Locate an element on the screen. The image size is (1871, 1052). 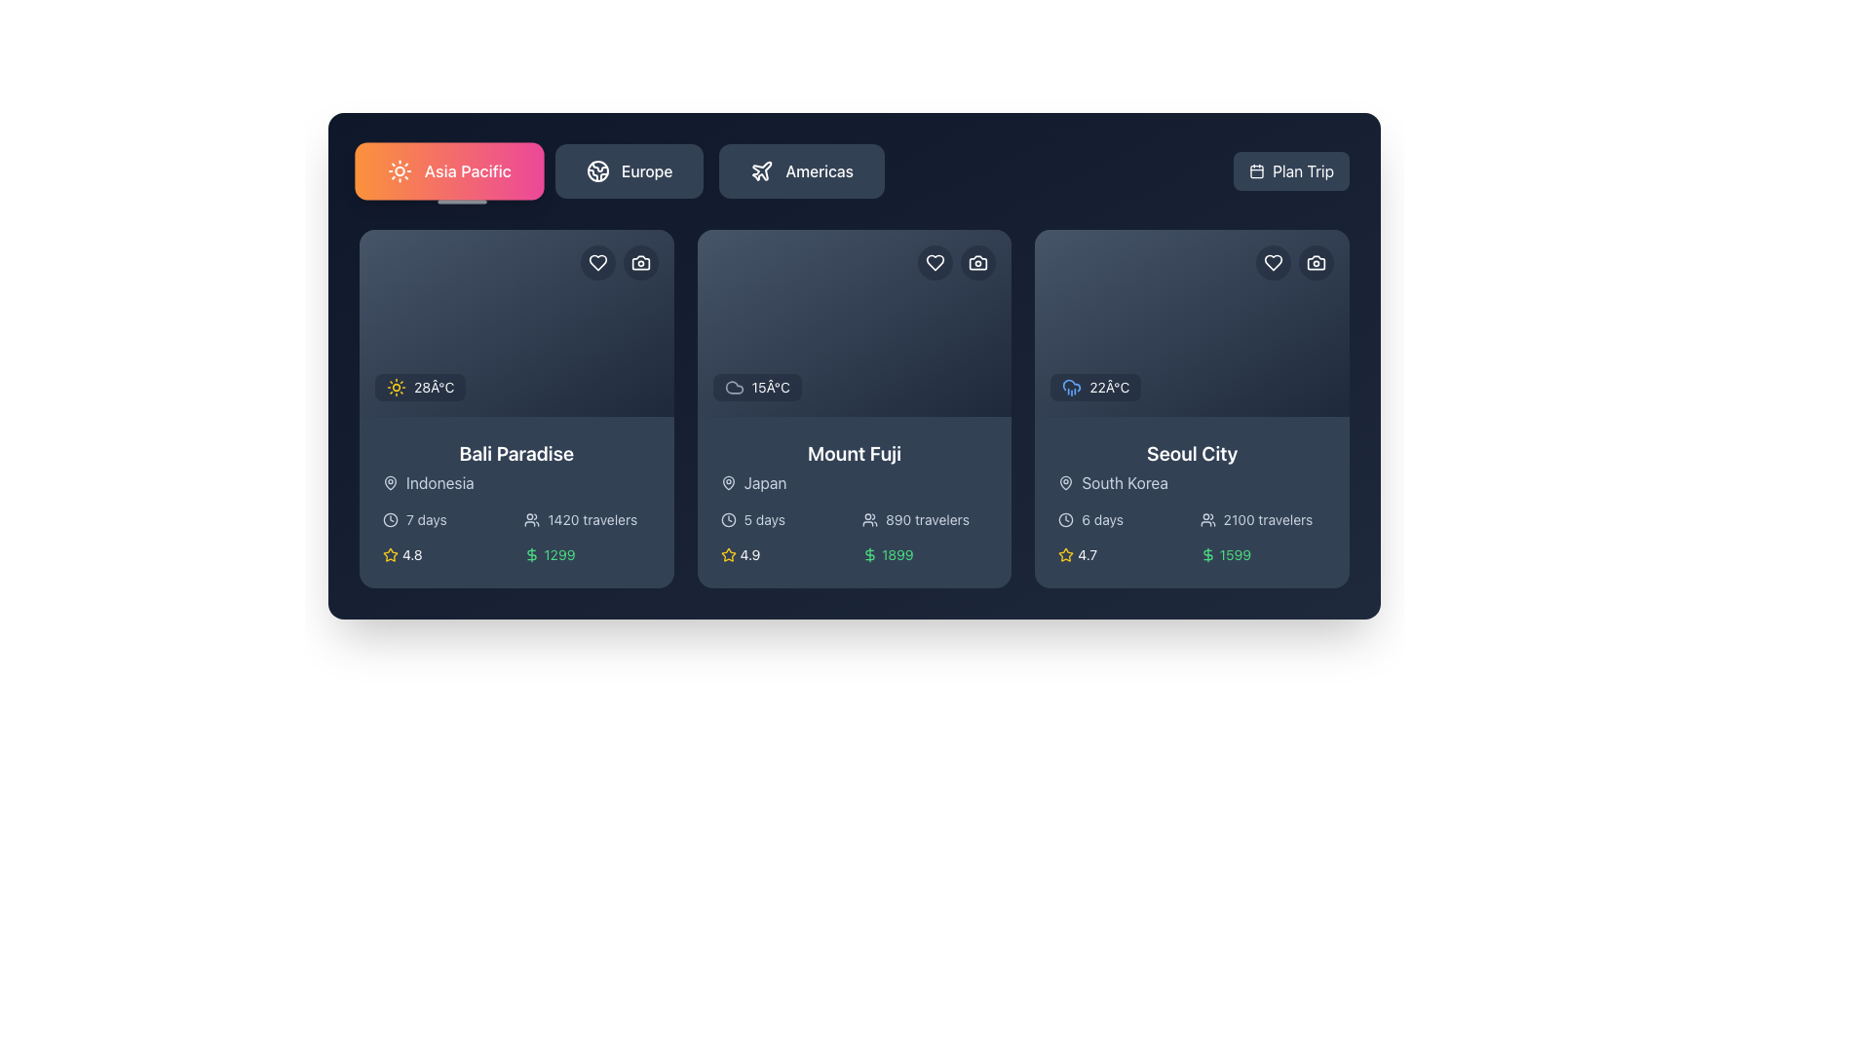
the circular graphic element within the clock icon located in the top right corner of the travel destination card is located at coordinates (390, 518).